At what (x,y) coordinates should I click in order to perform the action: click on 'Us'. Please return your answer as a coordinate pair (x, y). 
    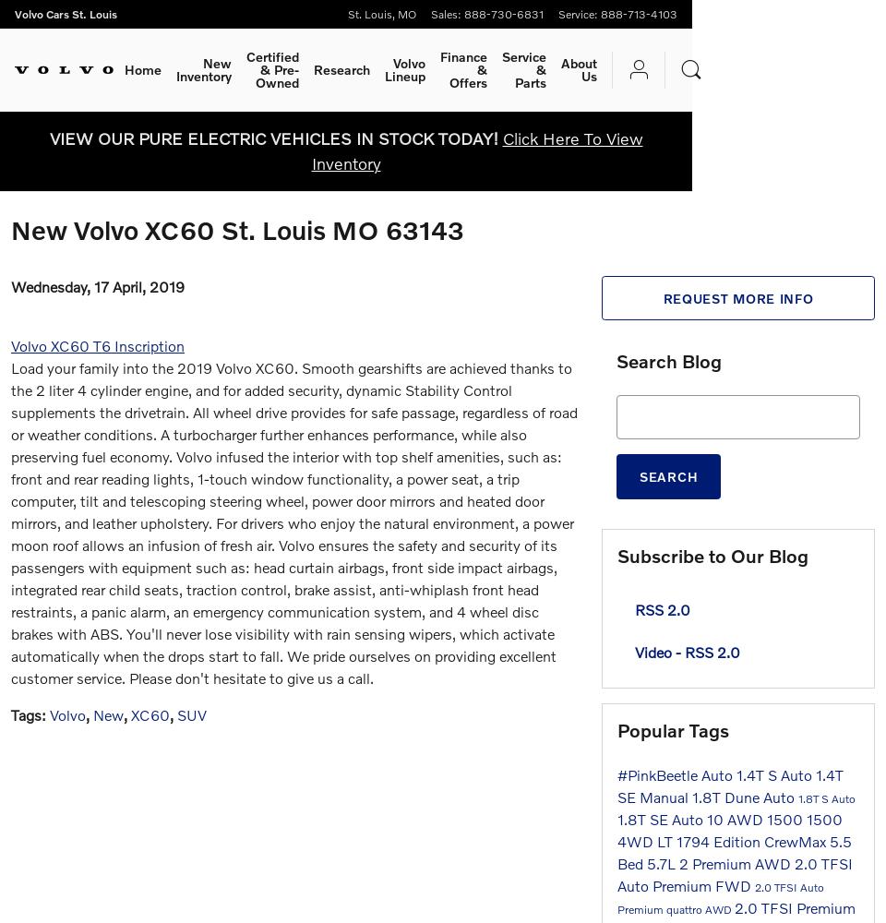
    Looking at the image, I should click on (588, 75).